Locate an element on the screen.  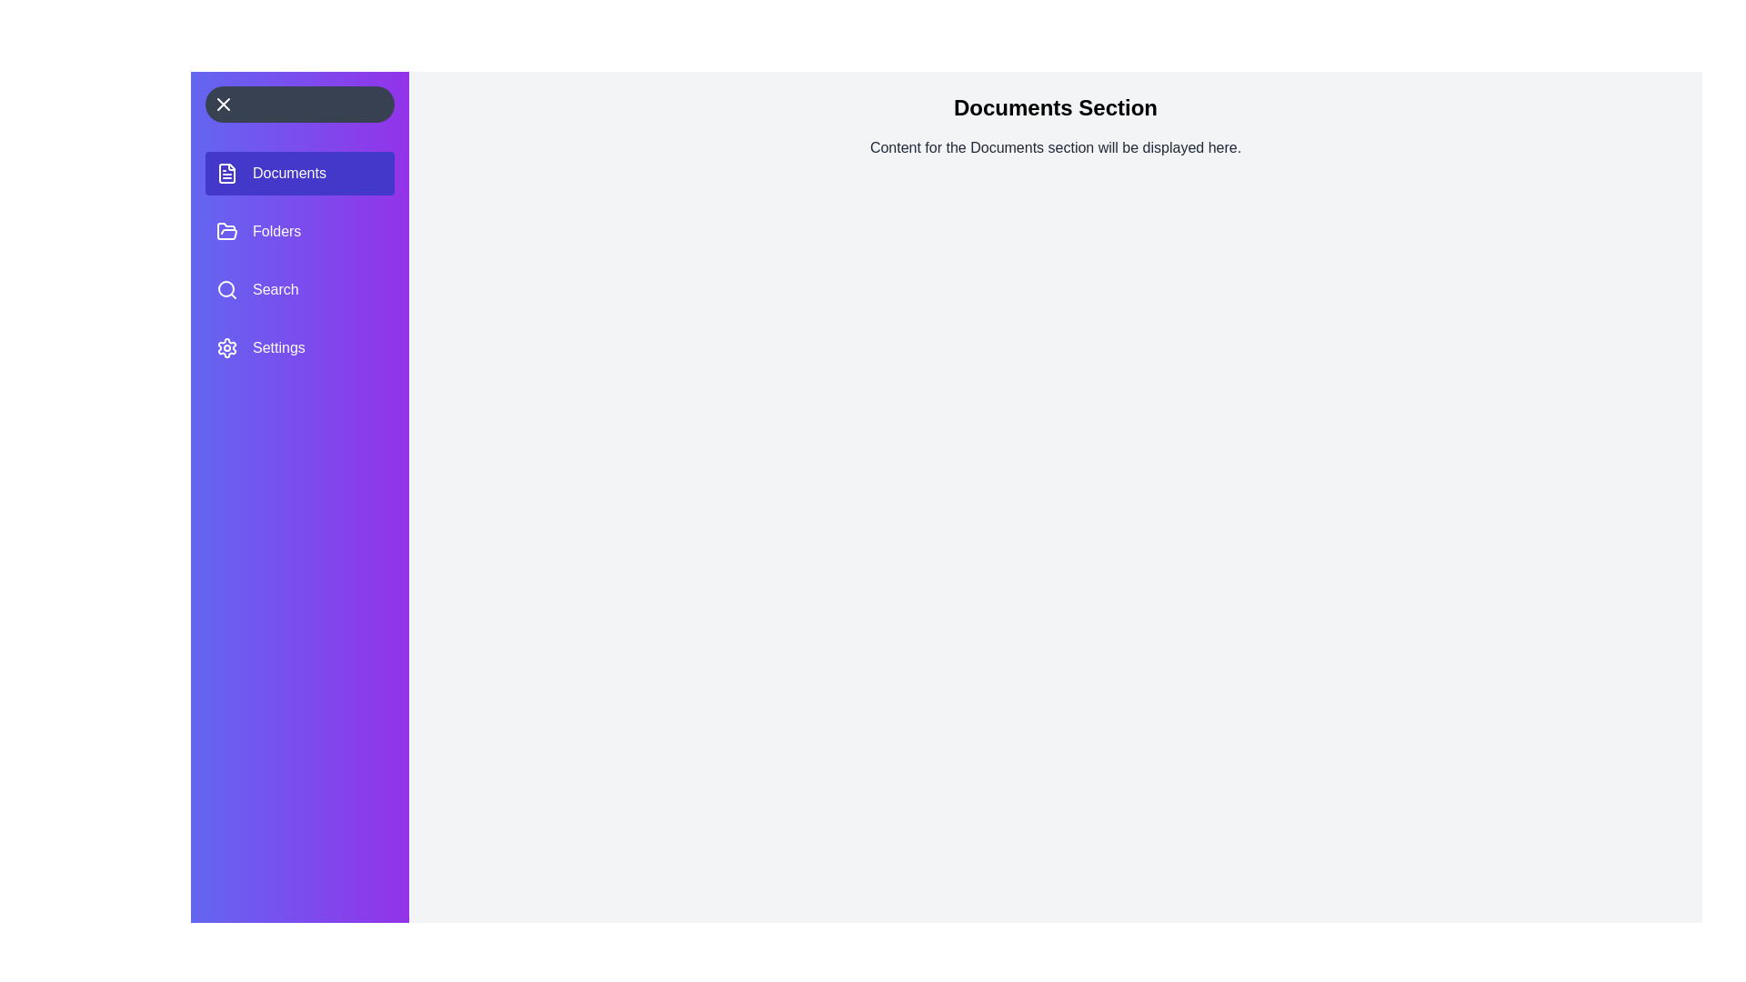
the section labeled Search to select it is located at coordinates (300, 289).